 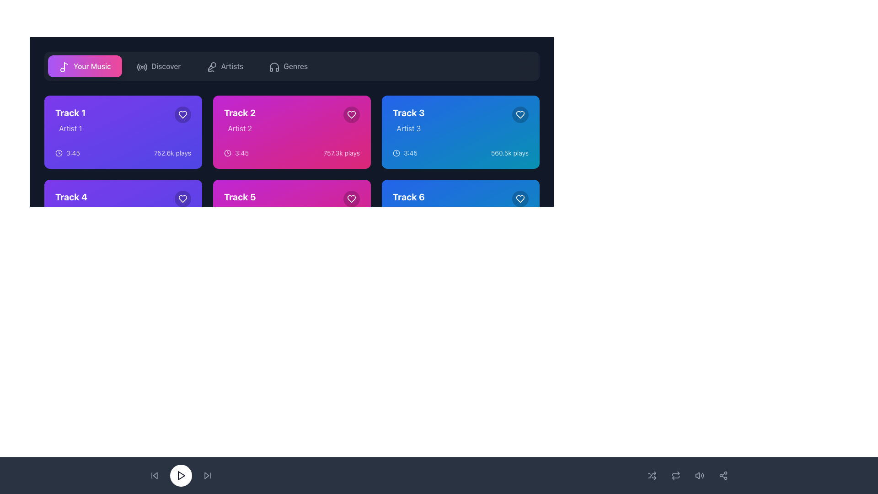 What do you see at coordinates (520, 114) in the screenshot?
I see `the heart icon located in the top-right corner of the 'Track 3' card to mark it as a favorite` at bounding box center [520, 114].